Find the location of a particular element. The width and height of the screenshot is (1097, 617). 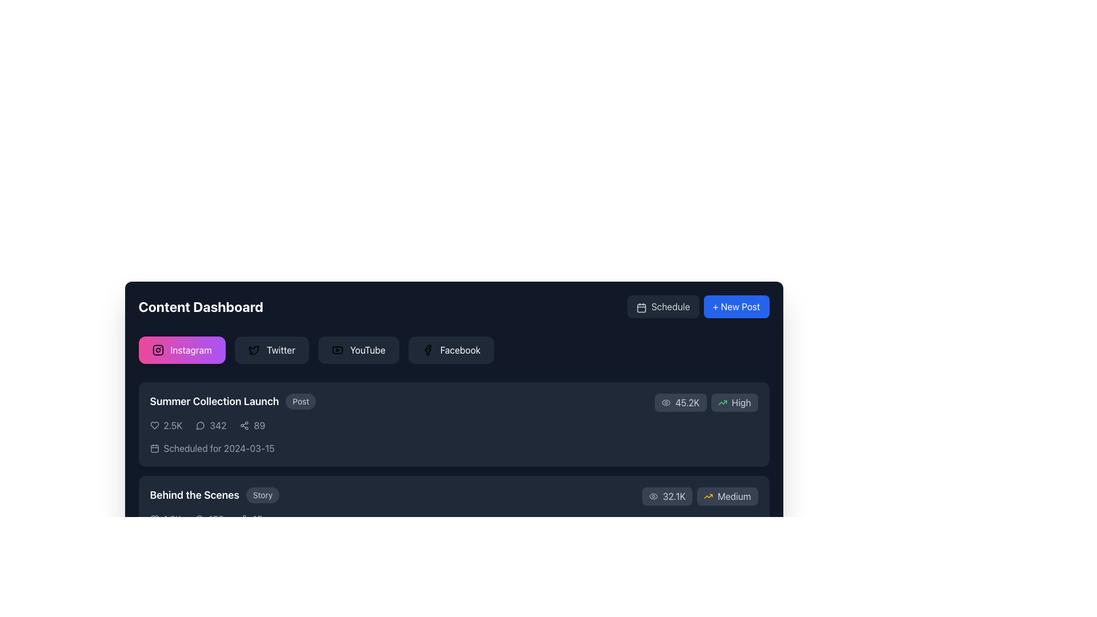

the text label displaying 'High', which is styled in gray against a dark background and positioned to the right of a green arrow icon within a metrics panel is located at coordinates (741, 402).